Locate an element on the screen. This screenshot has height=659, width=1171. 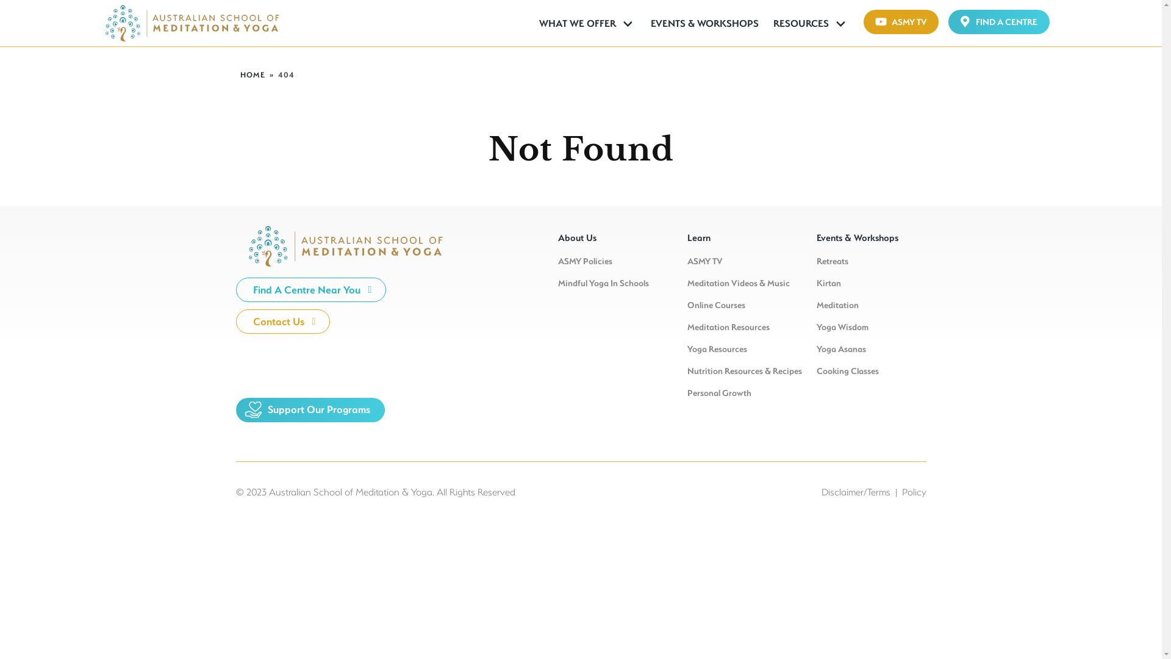
'Online Courses' is located at coordinates (687, 304).